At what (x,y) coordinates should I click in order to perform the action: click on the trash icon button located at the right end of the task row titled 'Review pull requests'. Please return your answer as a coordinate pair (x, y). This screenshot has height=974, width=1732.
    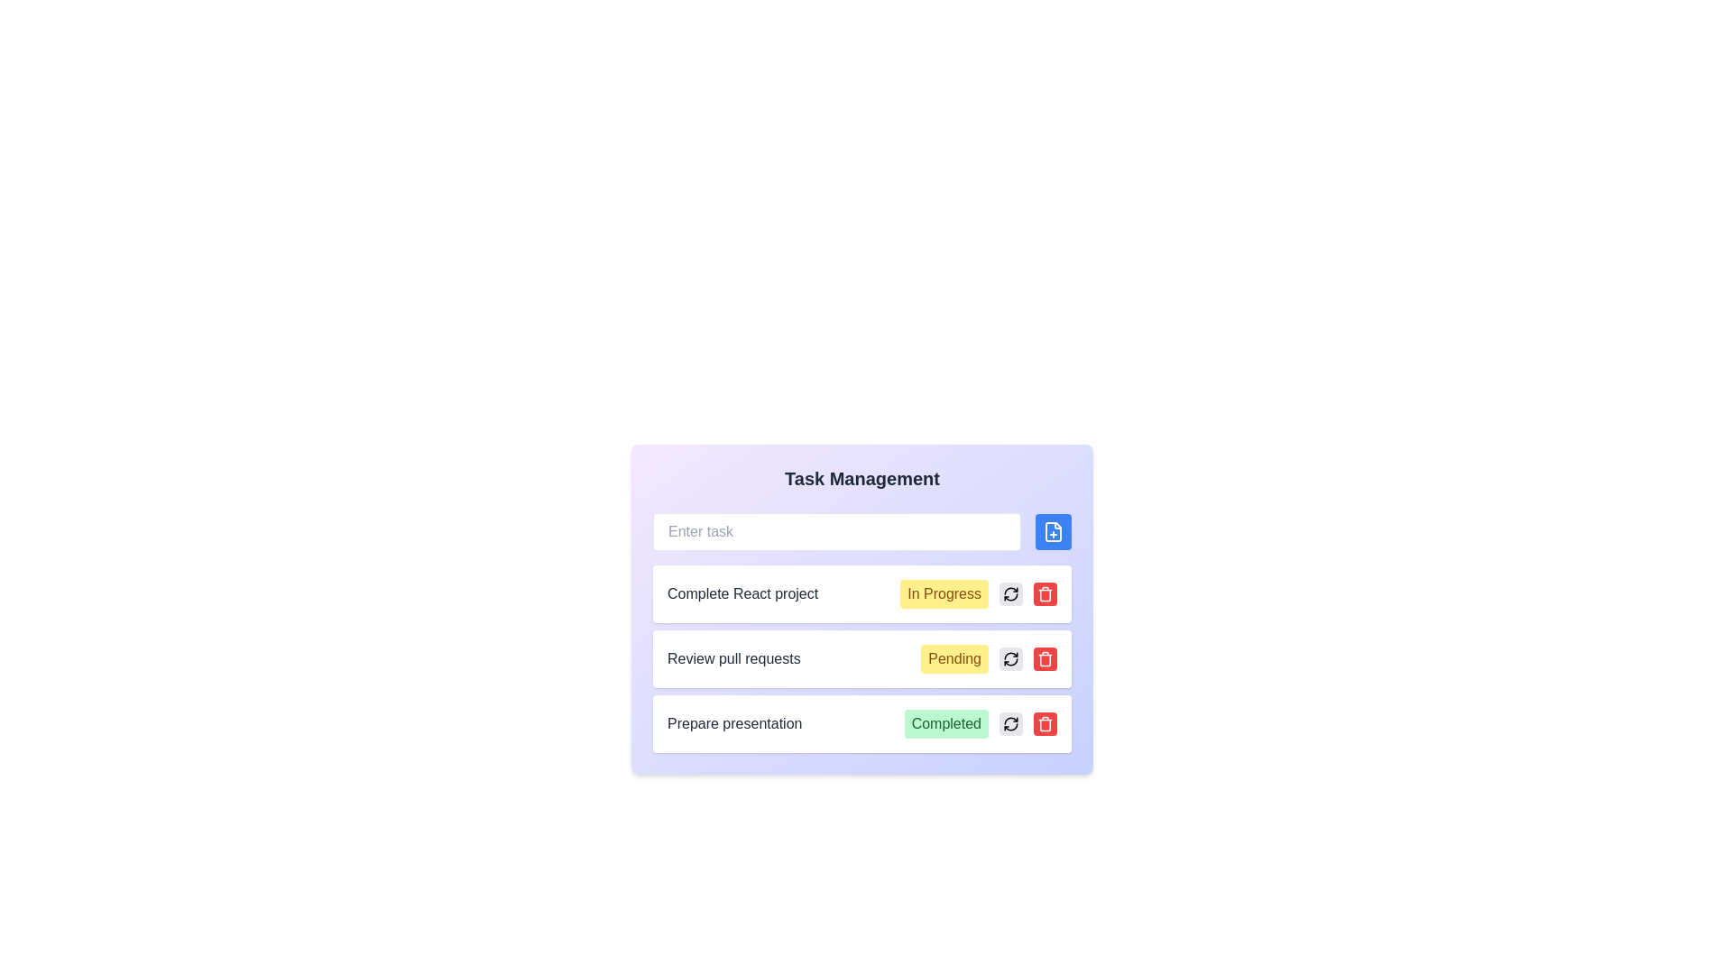
    Looking at the image, I should click on (1045, 659).